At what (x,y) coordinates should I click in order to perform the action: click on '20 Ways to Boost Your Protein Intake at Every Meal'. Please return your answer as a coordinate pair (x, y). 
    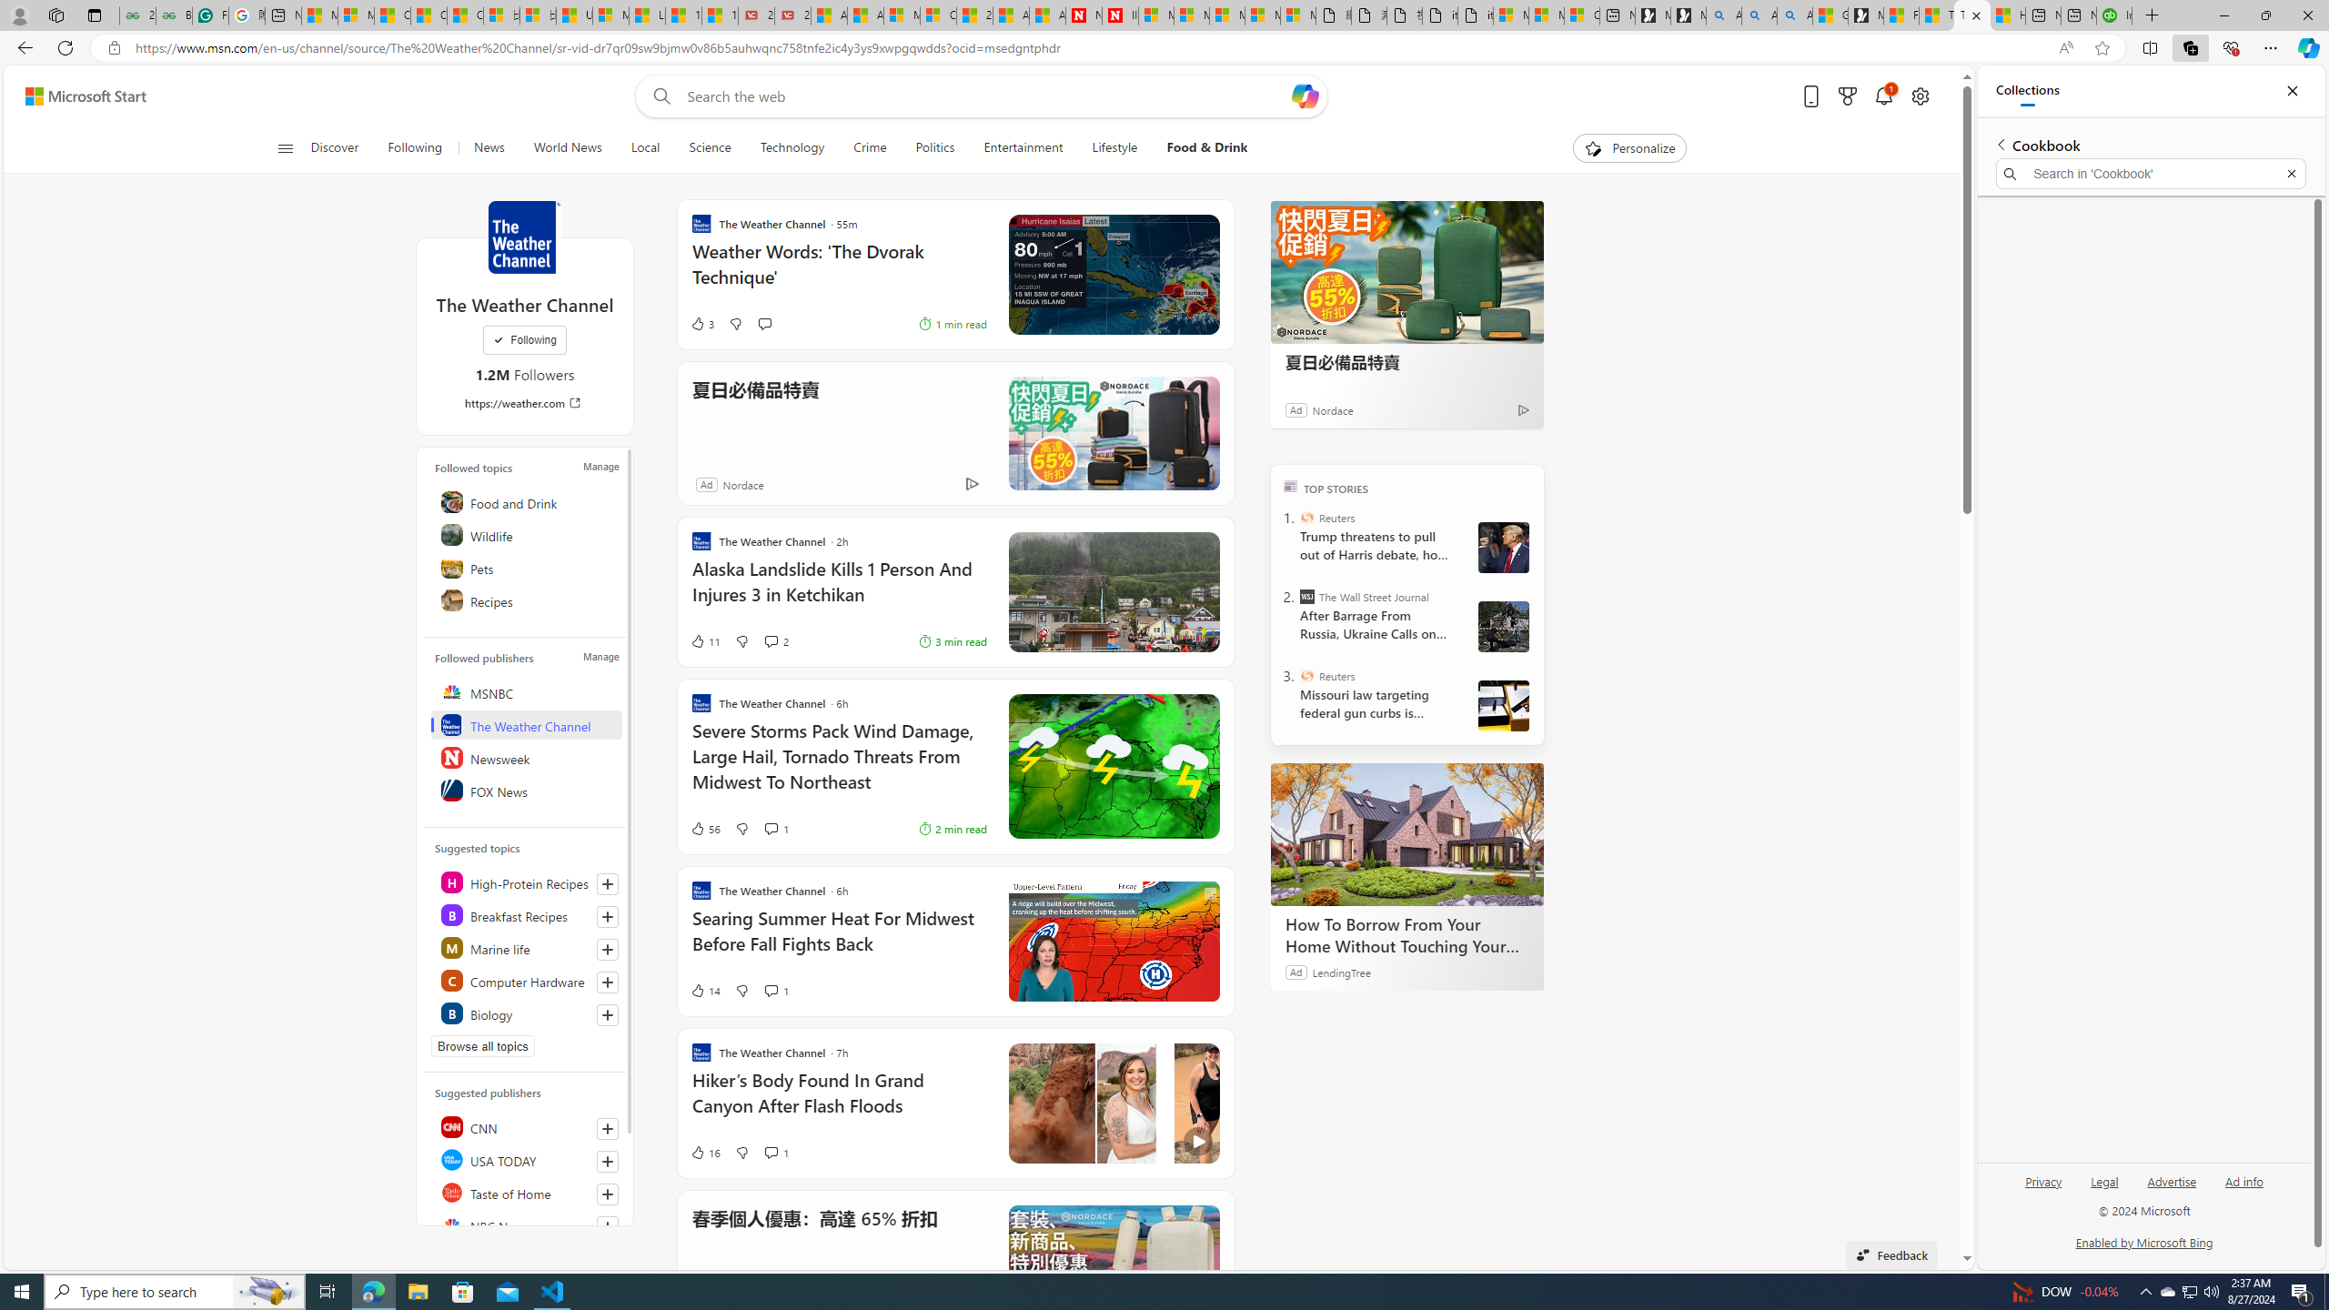
    Looking at the image, I should click on (974, 15).